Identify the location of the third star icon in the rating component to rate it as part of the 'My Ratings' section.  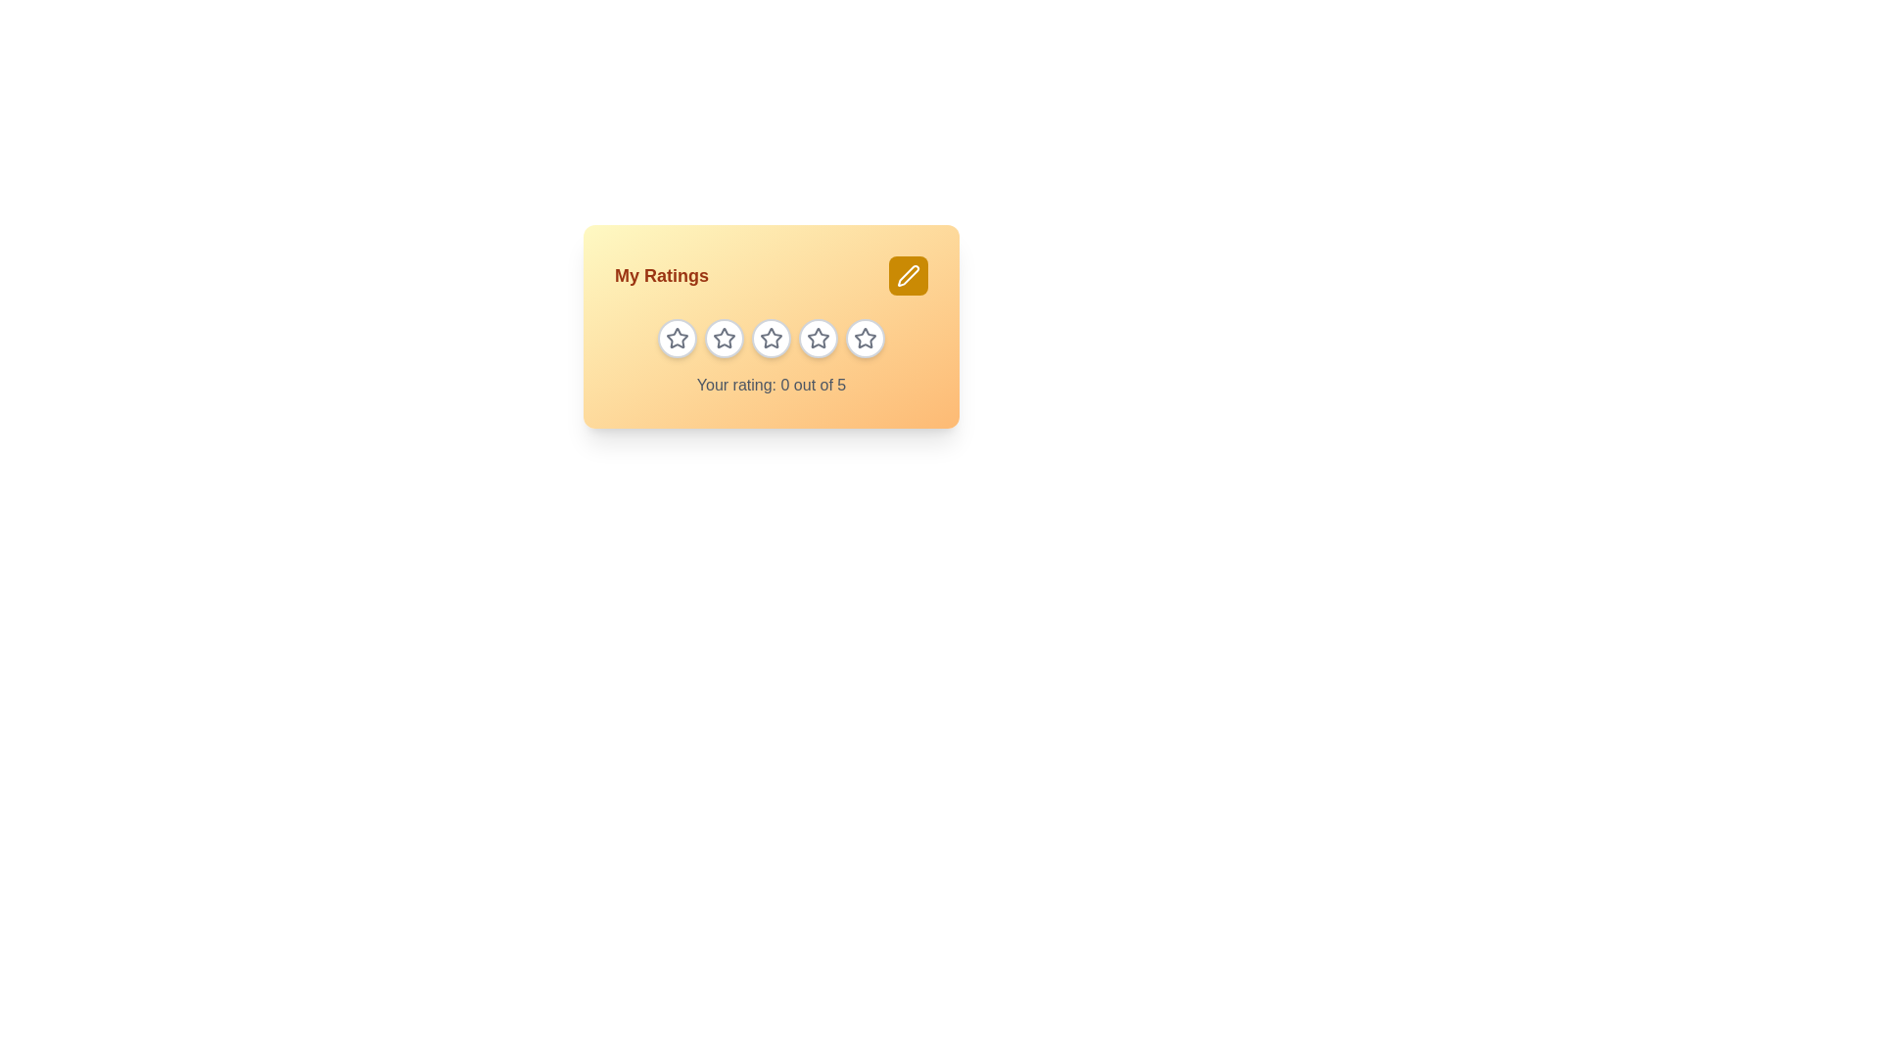
(770, 338).